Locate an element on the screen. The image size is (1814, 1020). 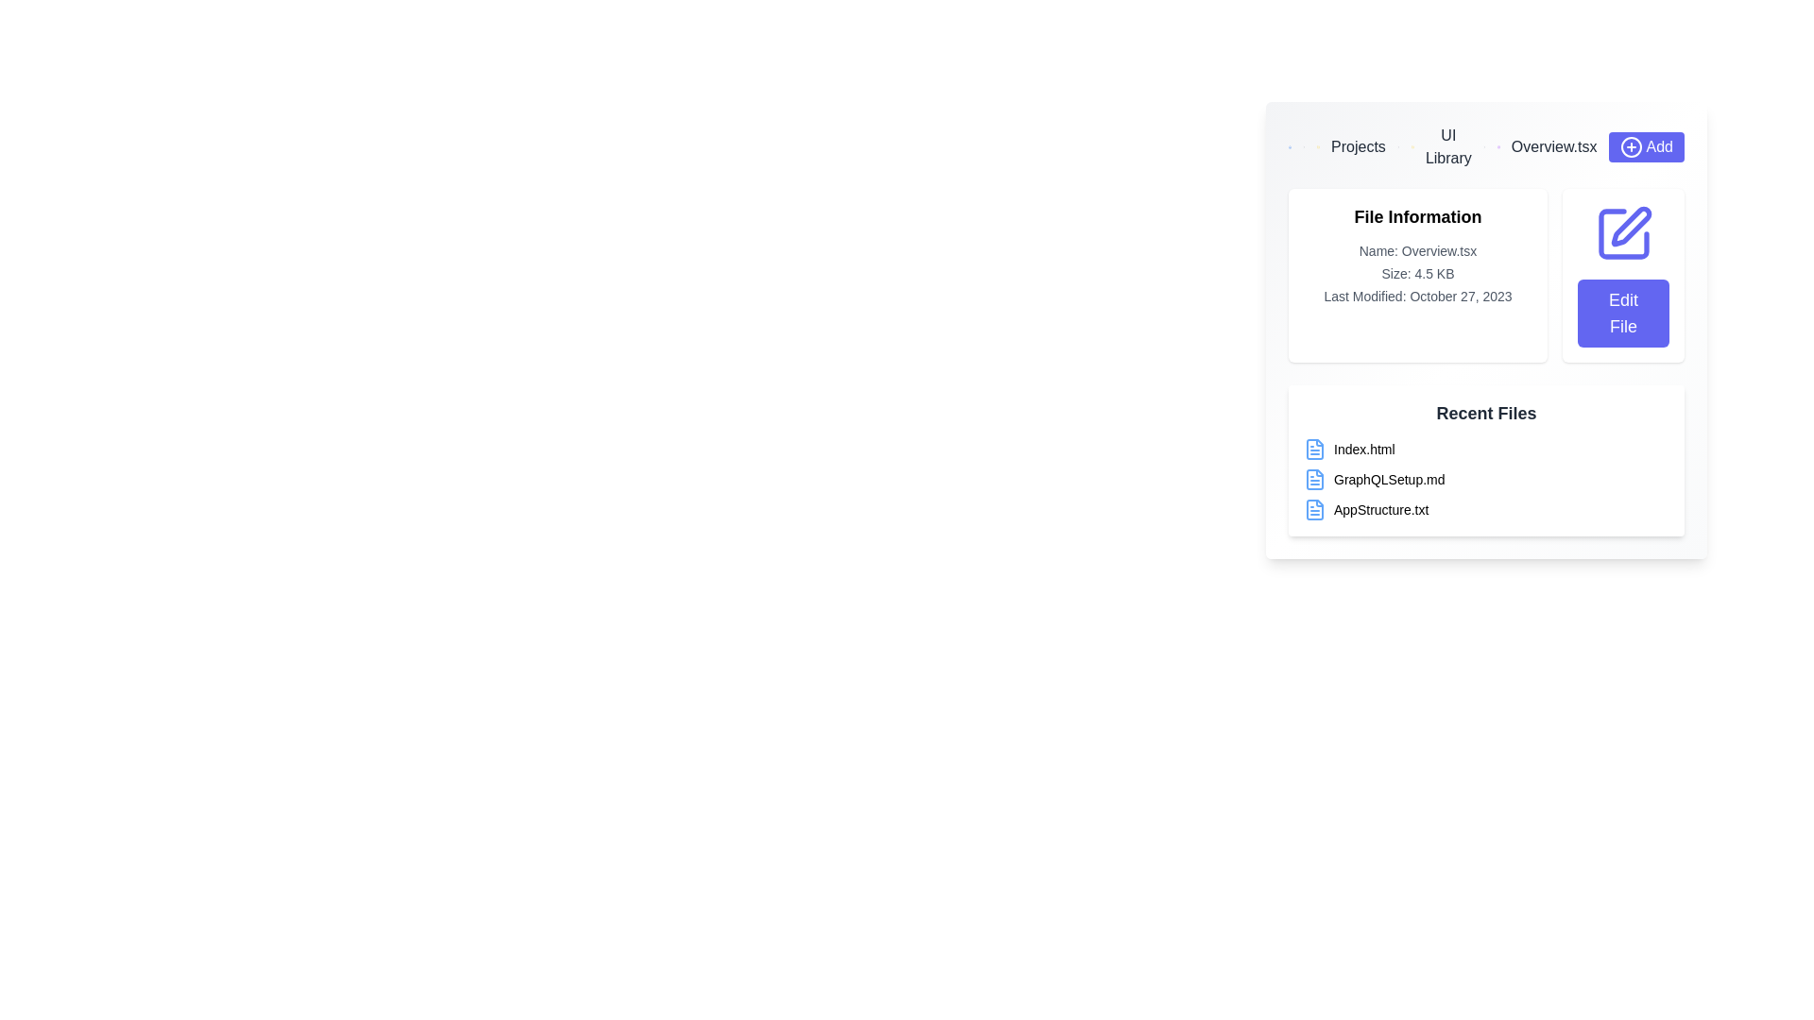
the 'Add' button in the Breadcrumb navigation bar is located at coordinates (1485, 145).